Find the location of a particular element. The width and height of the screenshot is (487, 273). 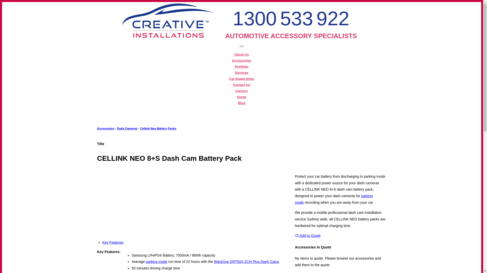

'parking mode' is located at coordinates (334, 199).